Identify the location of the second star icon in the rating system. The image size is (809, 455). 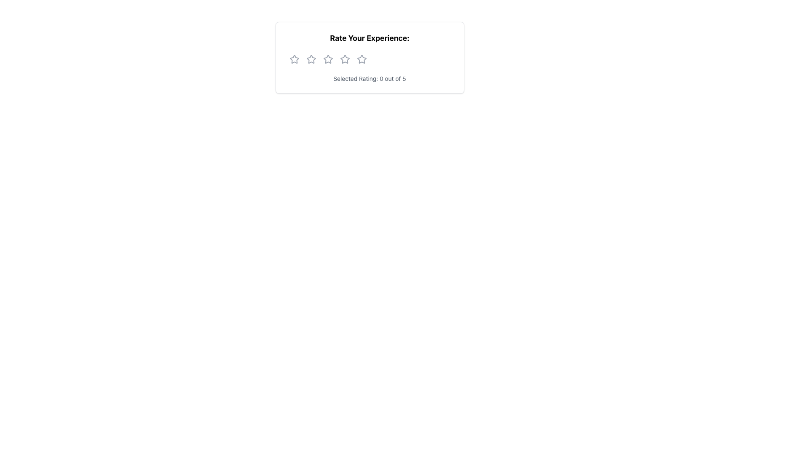
(311, 59).